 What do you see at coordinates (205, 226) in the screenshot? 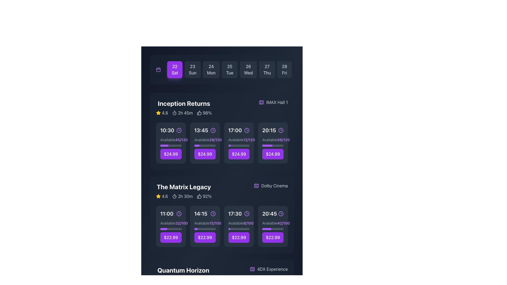
I see `the interactive card component featuring the time slot '14:15', which has a prominent purple button at the bottom labeled '$22.99'` at bounding box center [205, 226].